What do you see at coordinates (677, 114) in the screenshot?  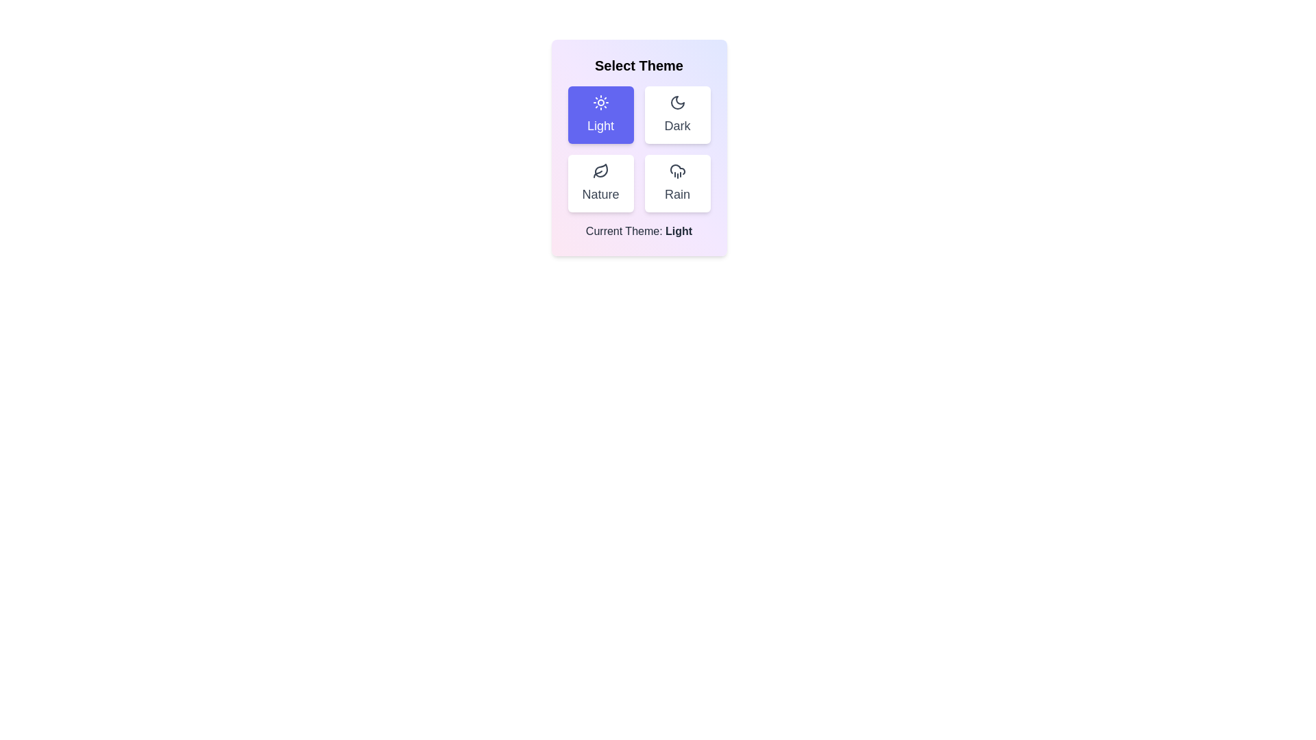 I see `the theme Dark by clicking the corresponding button` at bounding box center [677, 114].